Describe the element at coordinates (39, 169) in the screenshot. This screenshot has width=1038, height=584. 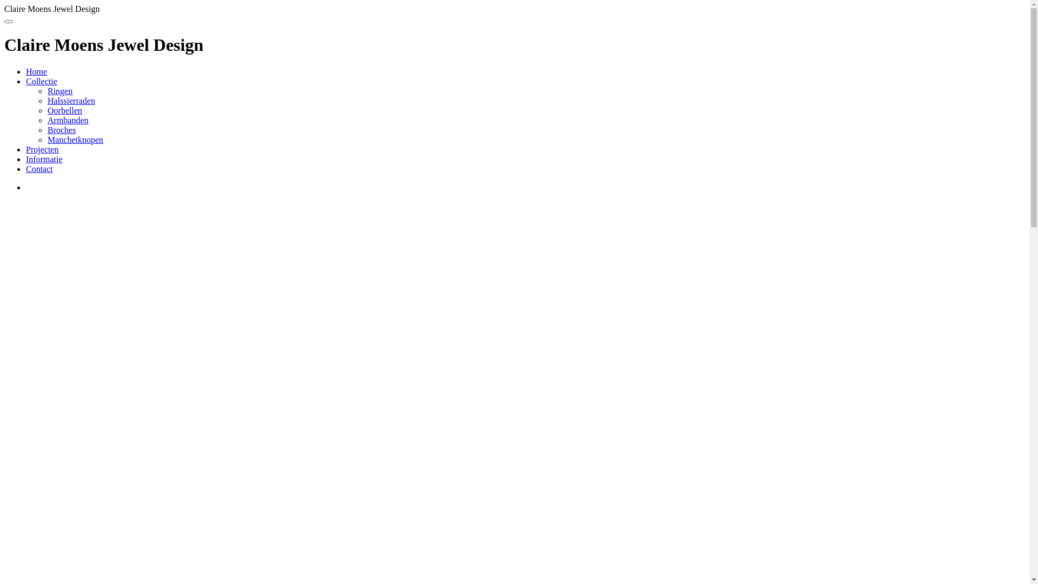
I see `'Contact'` at that location.